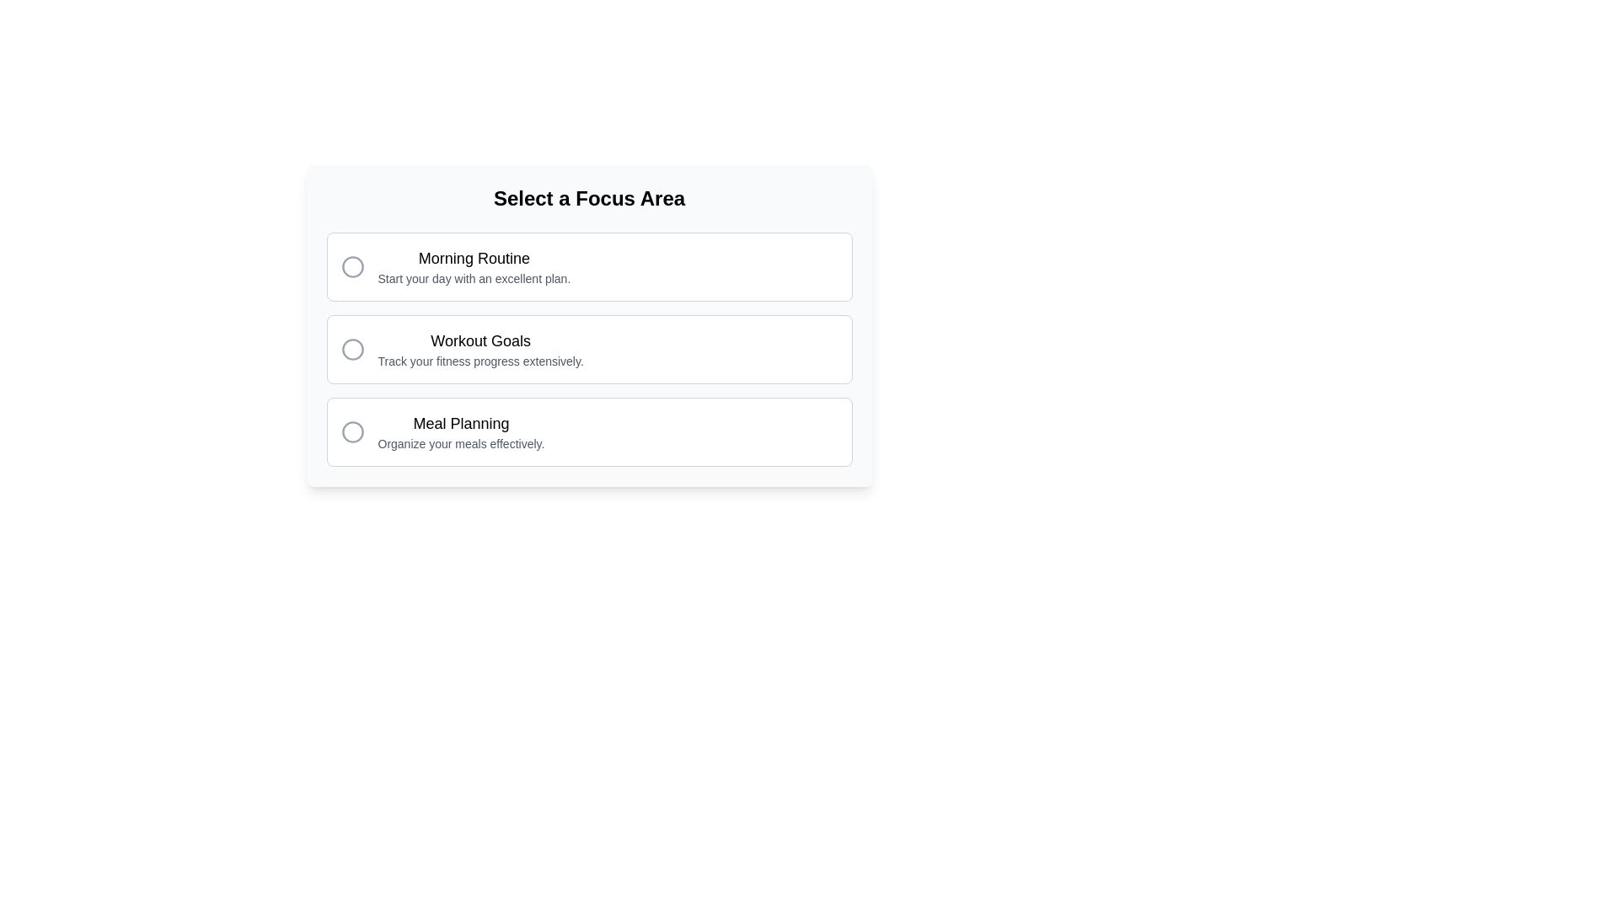 Image resolution: width=1618 pixels, height=910 pixels. Describe the element at coordinates (351, 349) in the screenshot. I see `the Circular radio button for the 'Workout Goals' option to provide visual feedback` at that location.